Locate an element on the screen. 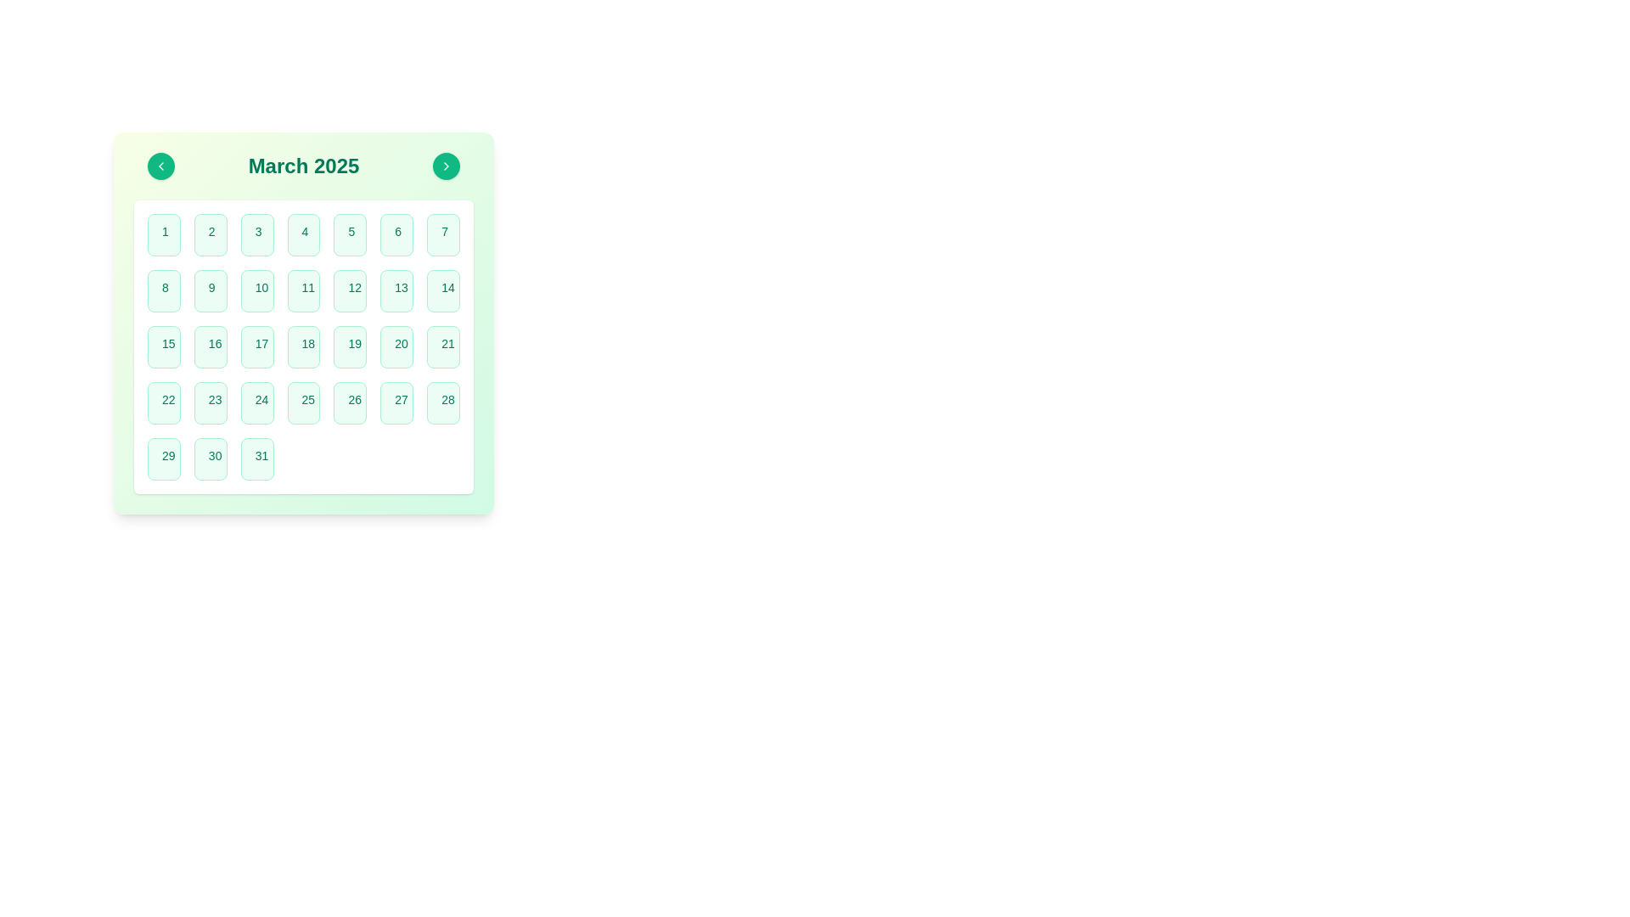 Image resolution: width=1630 pixels, height=917 pixels. the active green text element displaying the number '27' in the calendar's grid layout is located at coordinates (401, 399).